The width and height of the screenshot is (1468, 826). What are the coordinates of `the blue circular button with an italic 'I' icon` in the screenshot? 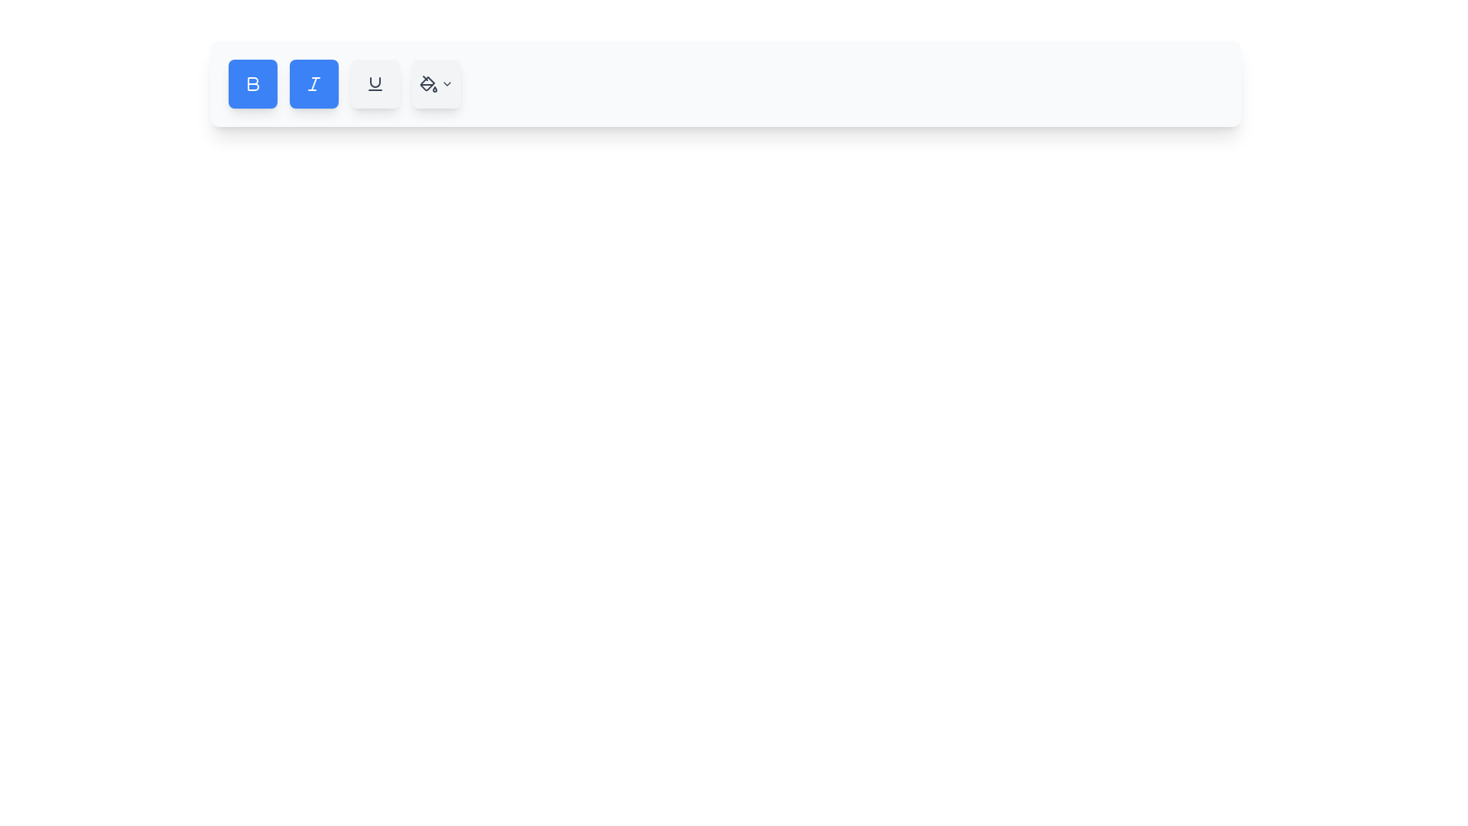 It's located at (313, 84).